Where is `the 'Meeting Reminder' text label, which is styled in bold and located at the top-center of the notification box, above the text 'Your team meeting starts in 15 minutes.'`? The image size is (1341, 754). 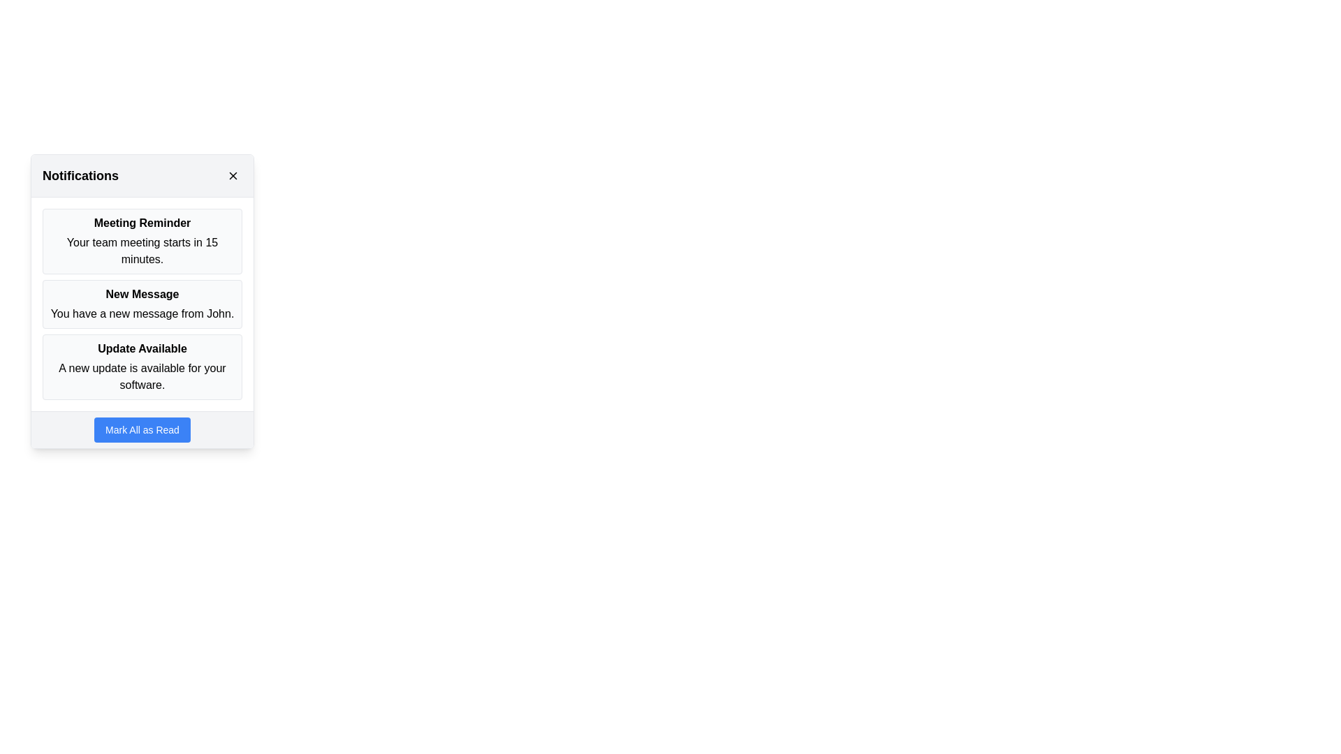
the 'Meeting Reminder' text label, which is styled in bold and located at the top-center of the notification box, above the text 'Your team meeting starts in 15 minutes.' is located at coordinates (142, 223).